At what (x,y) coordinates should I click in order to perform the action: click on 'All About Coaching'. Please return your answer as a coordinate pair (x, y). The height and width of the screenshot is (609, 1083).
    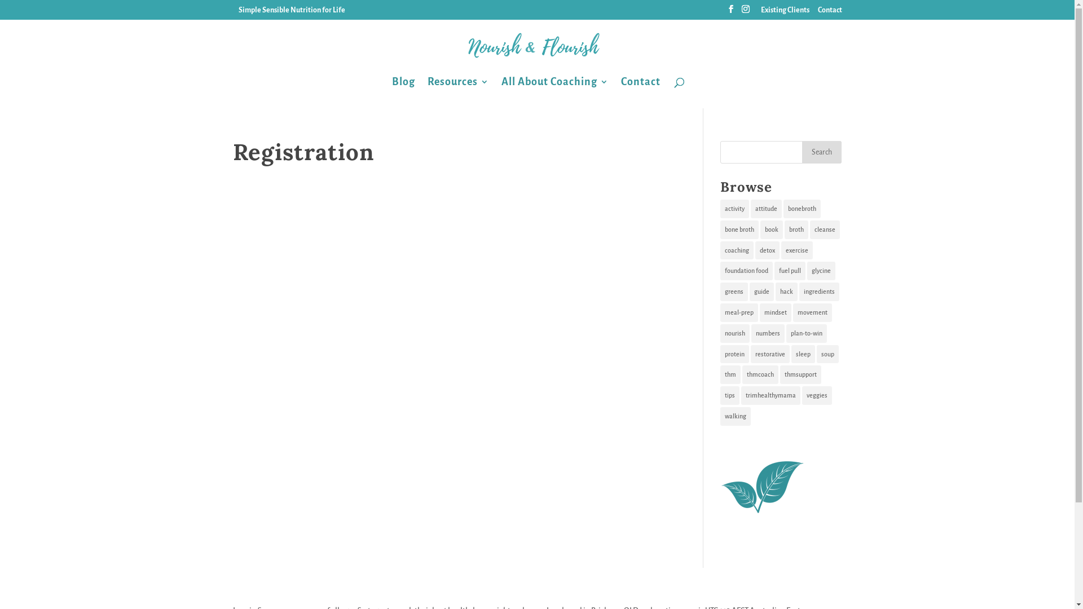
    Looking at the image, I should click on (554, 92).